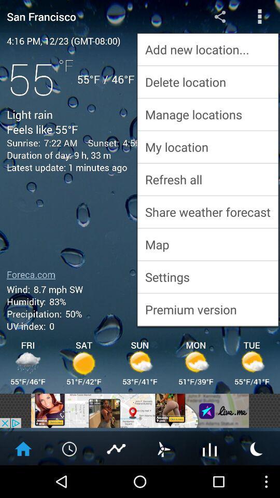 The width and height of the screenshot is (280, 498). What do you see at coordinates (207, 146) in the screenshot?
I see `my location app` at bounding box center [207, 146].